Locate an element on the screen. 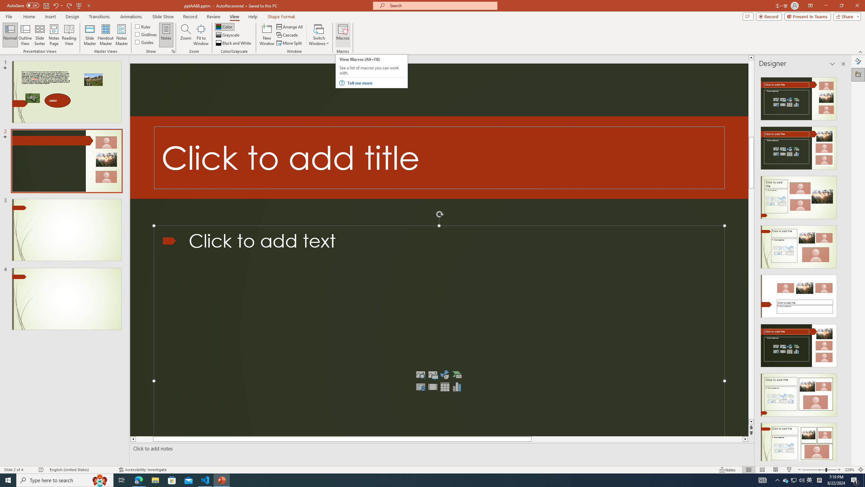  'Grayscale' is located at coordinates (227, 35).